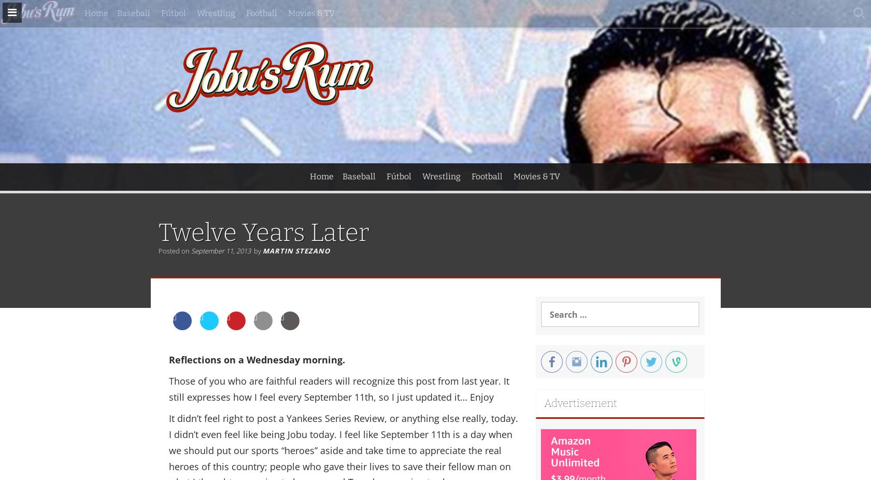  I want to click on 'Advertisement', so click(580, 403).